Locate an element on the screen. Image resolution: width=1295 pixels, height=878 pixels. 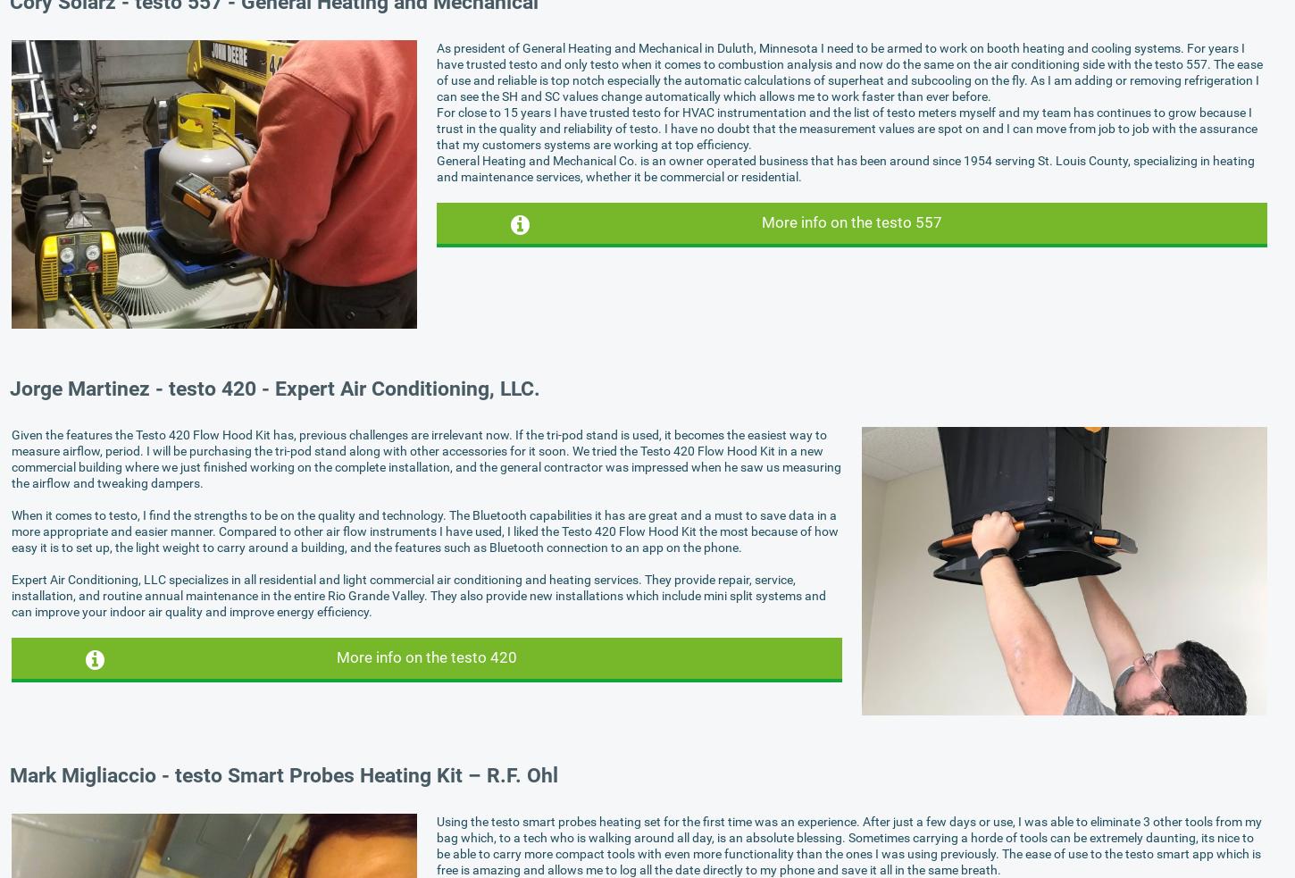
'Expert Air Conditioning, LLC specializes in all residential and light commercial air conditioning and heating services. They provide repair, service, installation, and routine annual maintenance in the entire Rio Grande Valley. They also provide new installations which include mini split systems and can improve your indoor air quality and improve energy efficiency.' is located at coordinates (417, 593).